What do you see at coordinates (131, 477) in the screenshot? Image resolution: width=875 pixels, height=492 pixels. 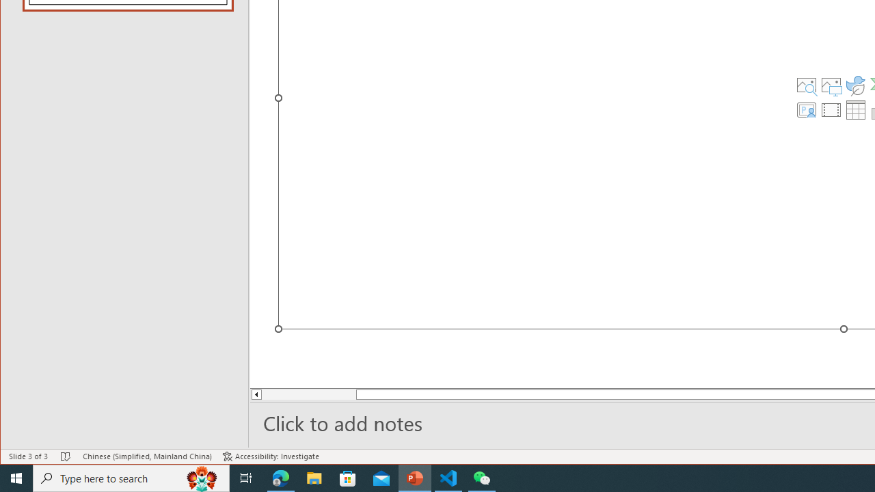 I see `'Type here to search'` at bounding box center [131, 477].